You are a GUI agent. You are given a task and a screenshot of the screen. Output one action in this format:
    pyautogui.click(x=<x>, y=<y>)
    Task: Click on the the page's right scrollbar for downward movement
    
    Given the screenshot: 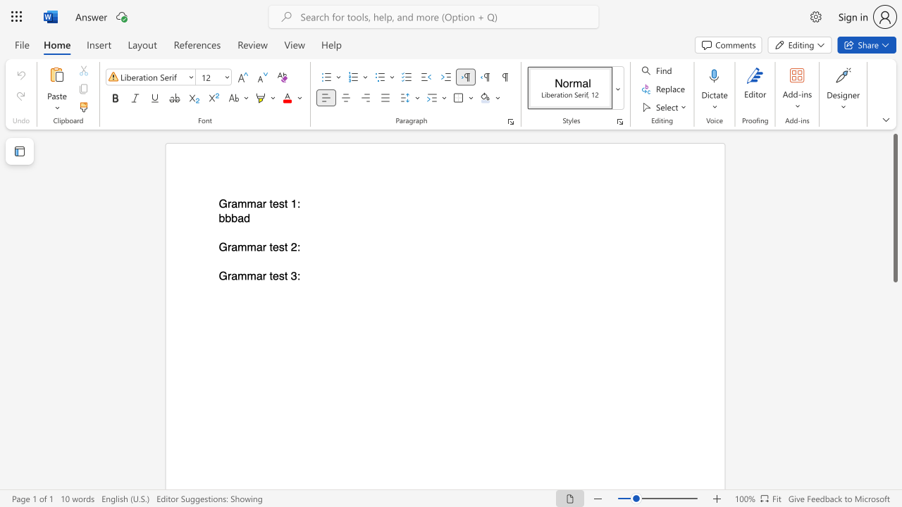 What is the action you would take?
    pyautogui.click(x=894, y=301)
    